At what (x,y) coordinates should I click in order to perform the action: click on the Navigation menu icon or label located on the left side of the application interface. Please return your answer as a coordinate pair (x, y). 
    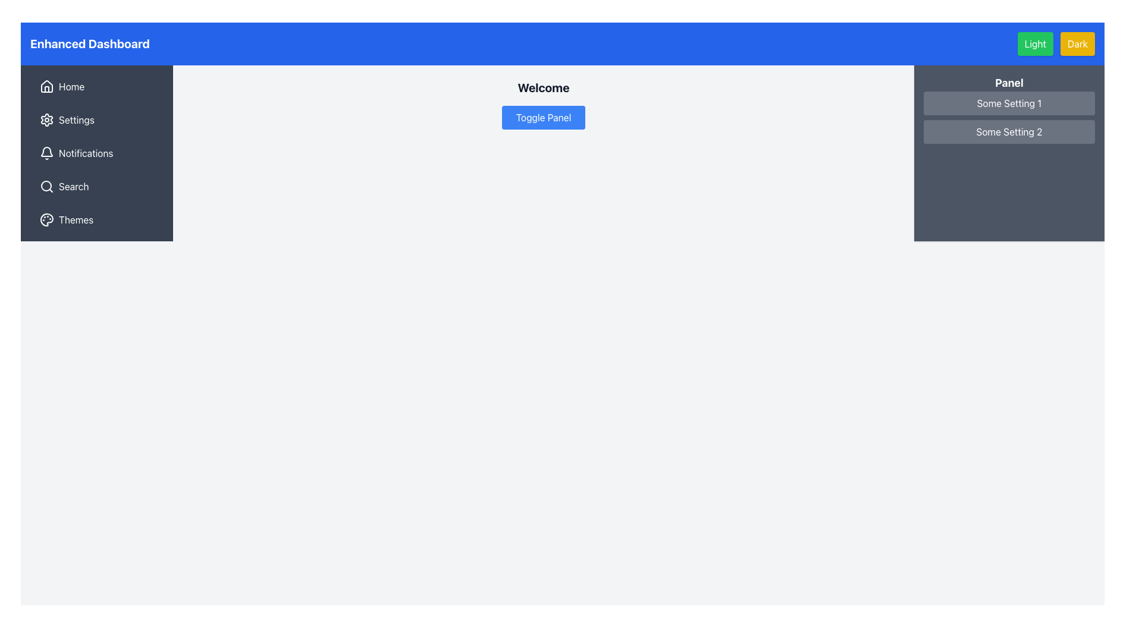
    Looking at the image, I should click on (97, 153).